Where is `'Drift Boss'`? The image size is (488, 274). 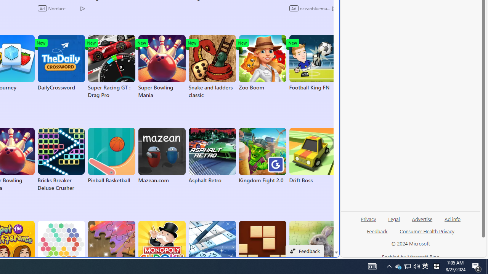 'Drift Boss' is located at coordinates (313, 156).